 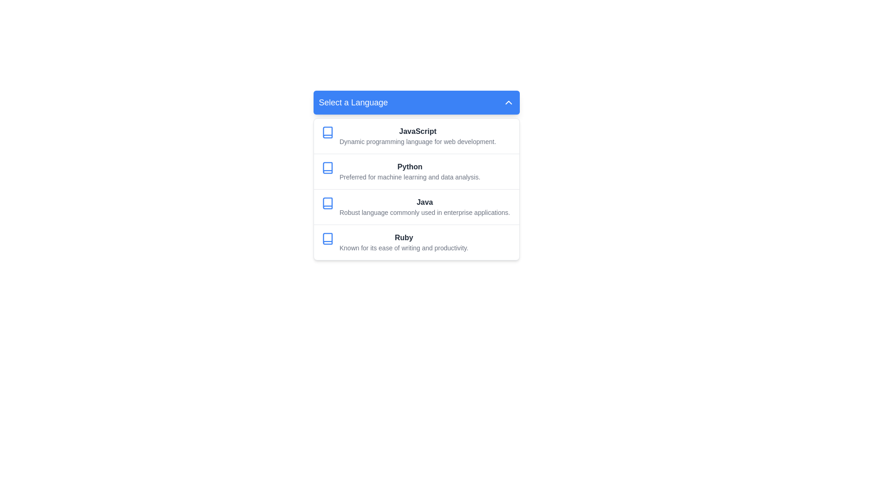 I want to click on the text label that provides additional information about the 'Python' list item, positioned directly below the title 'Python', so click(x=409, y=177).